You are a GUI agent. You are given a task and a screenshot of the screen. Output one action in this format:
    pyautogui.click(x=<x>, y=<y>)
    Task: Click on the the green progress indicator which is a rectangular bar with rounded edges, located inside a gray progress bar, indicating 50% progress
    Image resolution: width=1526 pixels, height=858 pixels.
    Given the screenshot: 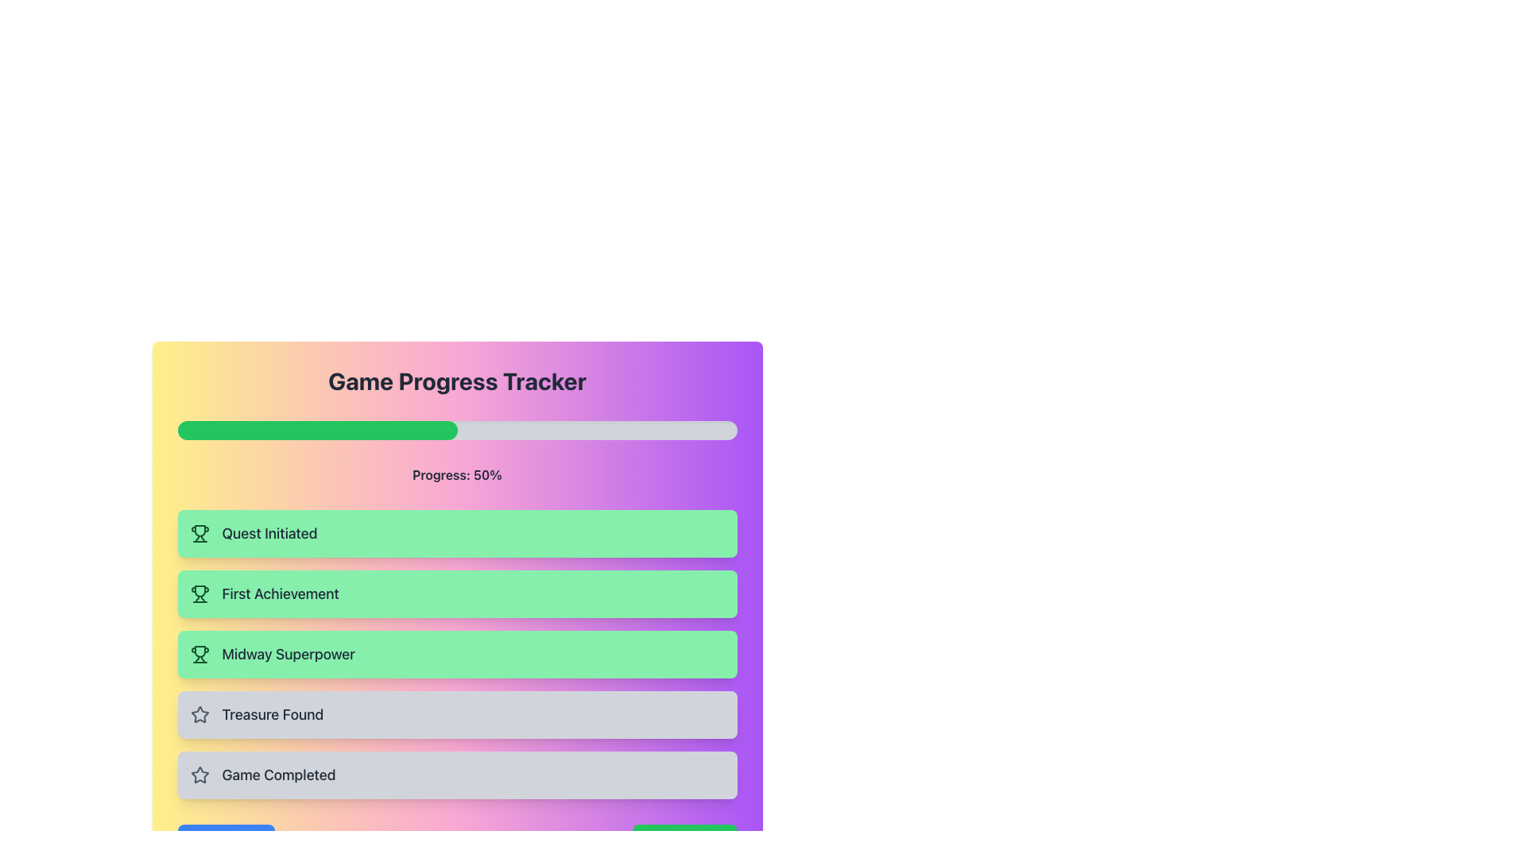 What is the action you would take?
    pyautogui.click(x=317, y=431)
    